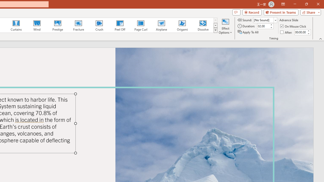 Image resolution: width=324 pixels, height=182 pixels. What do you see at coordinates (140, 25) in the screenshot?
I see `'Page Curl'` at bounding box center [140, 25].